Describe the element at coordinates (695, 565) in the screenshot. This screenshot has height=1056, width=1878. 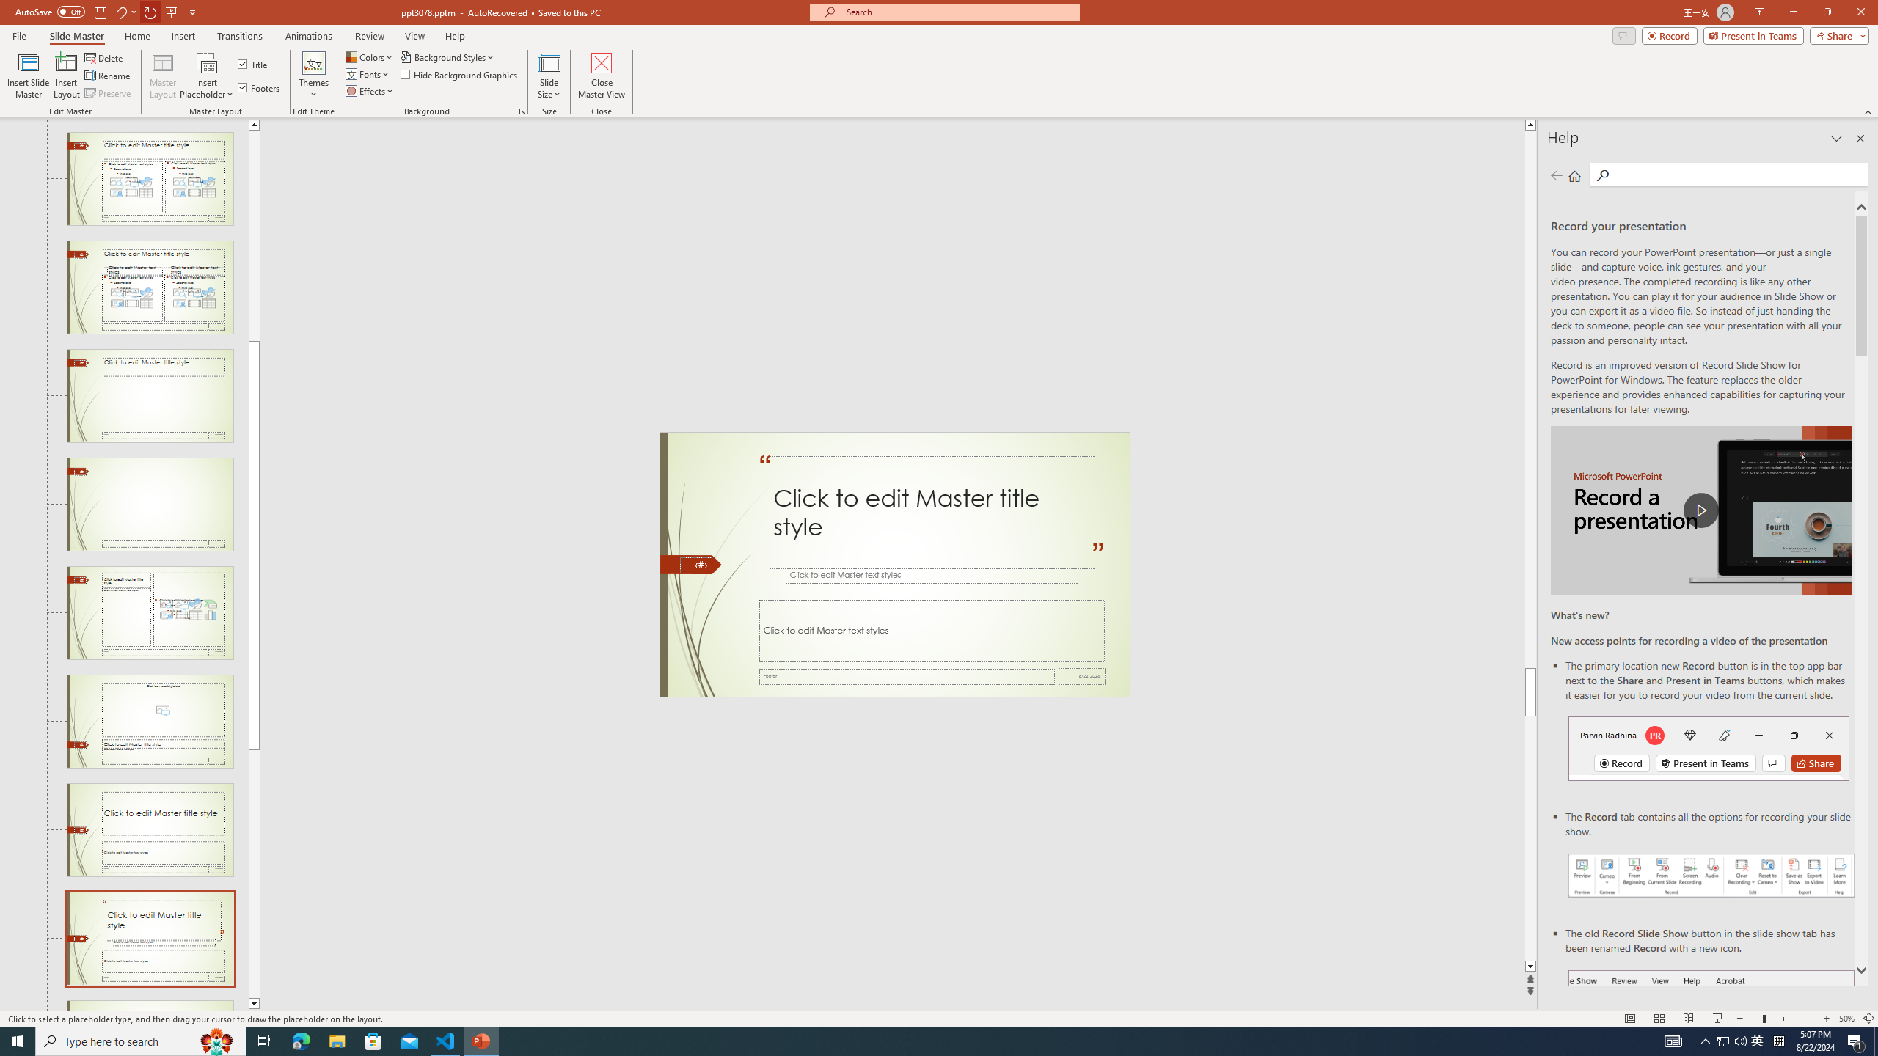
I see `'Slide Number'` at that location.